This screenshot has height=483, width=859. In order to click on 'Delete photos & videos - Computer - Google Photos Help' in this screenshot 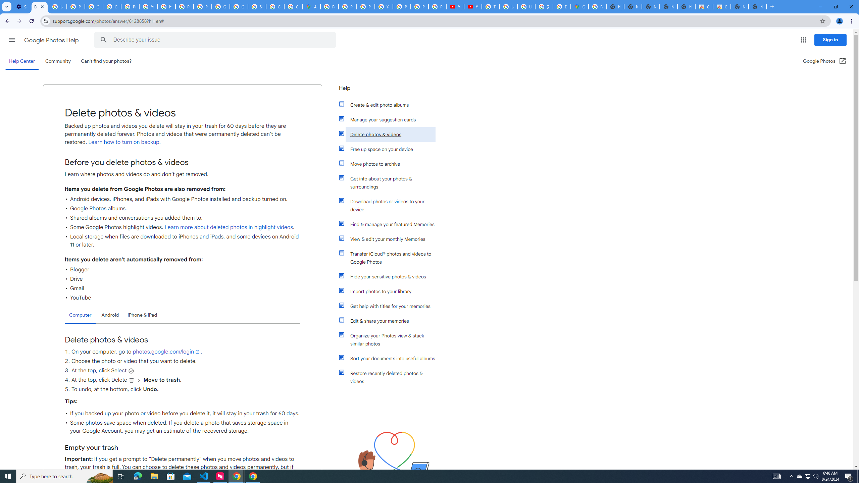, I will do `click(39, 6)`.